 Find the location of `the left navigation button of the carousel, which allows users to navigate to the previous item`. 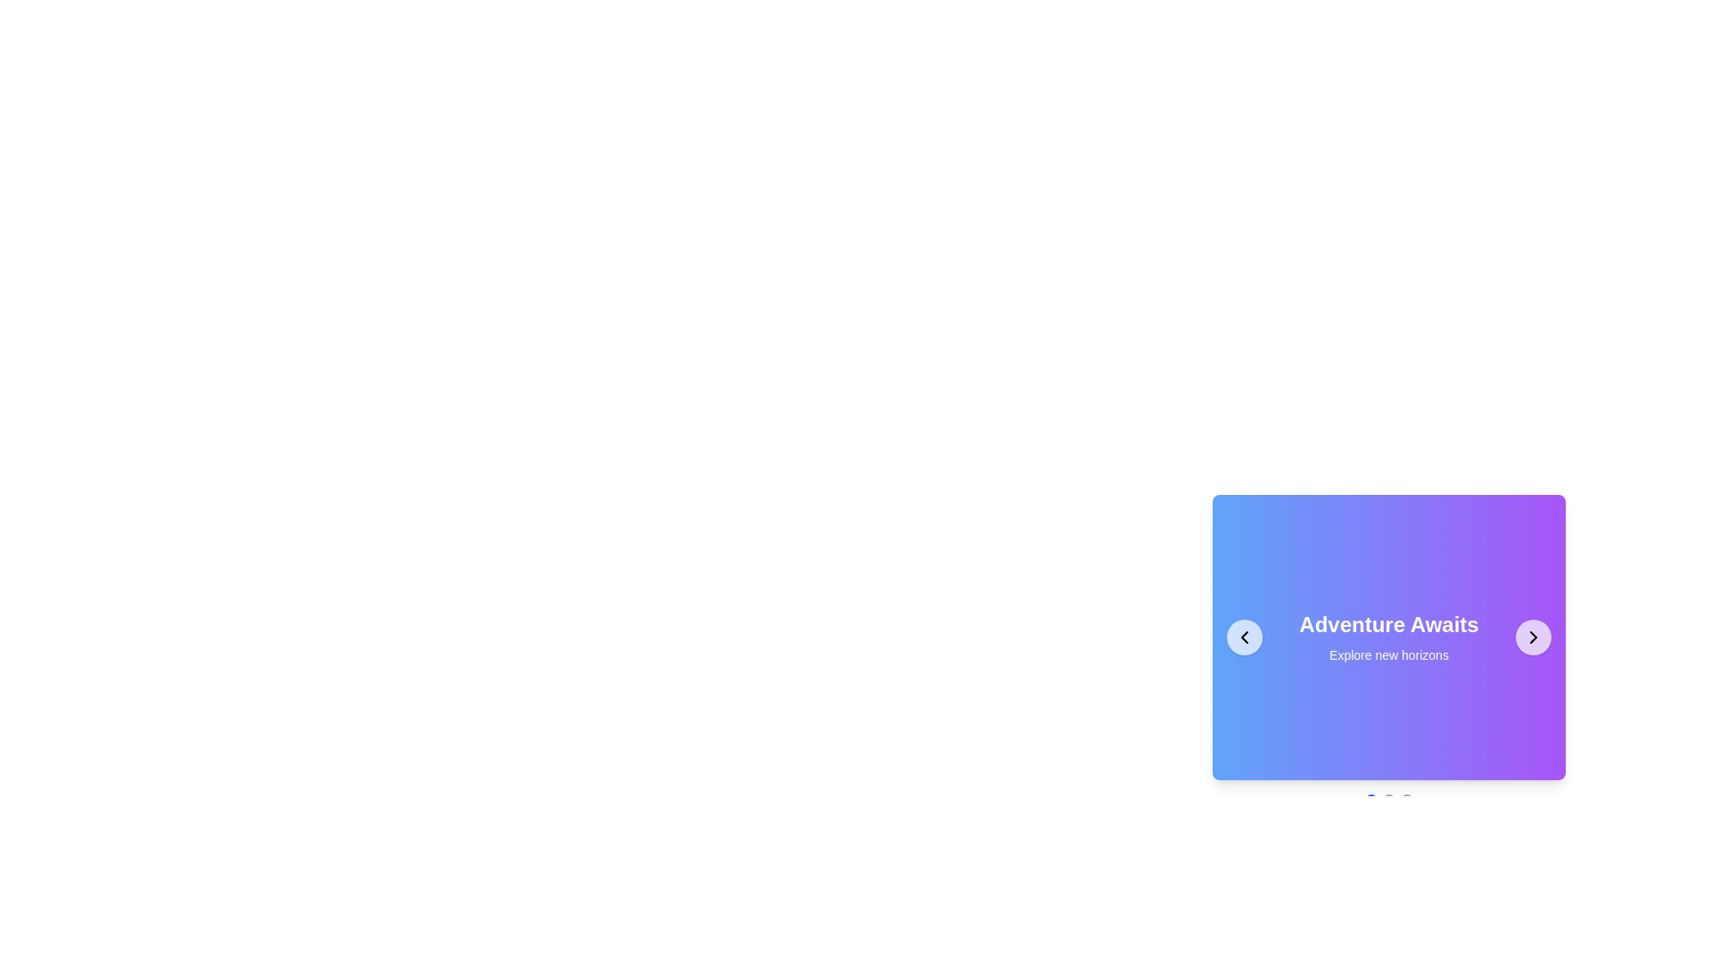

the left navigation button of the carousel, which allows users to navigate to the previous item is located at coordinates (1244, 636).